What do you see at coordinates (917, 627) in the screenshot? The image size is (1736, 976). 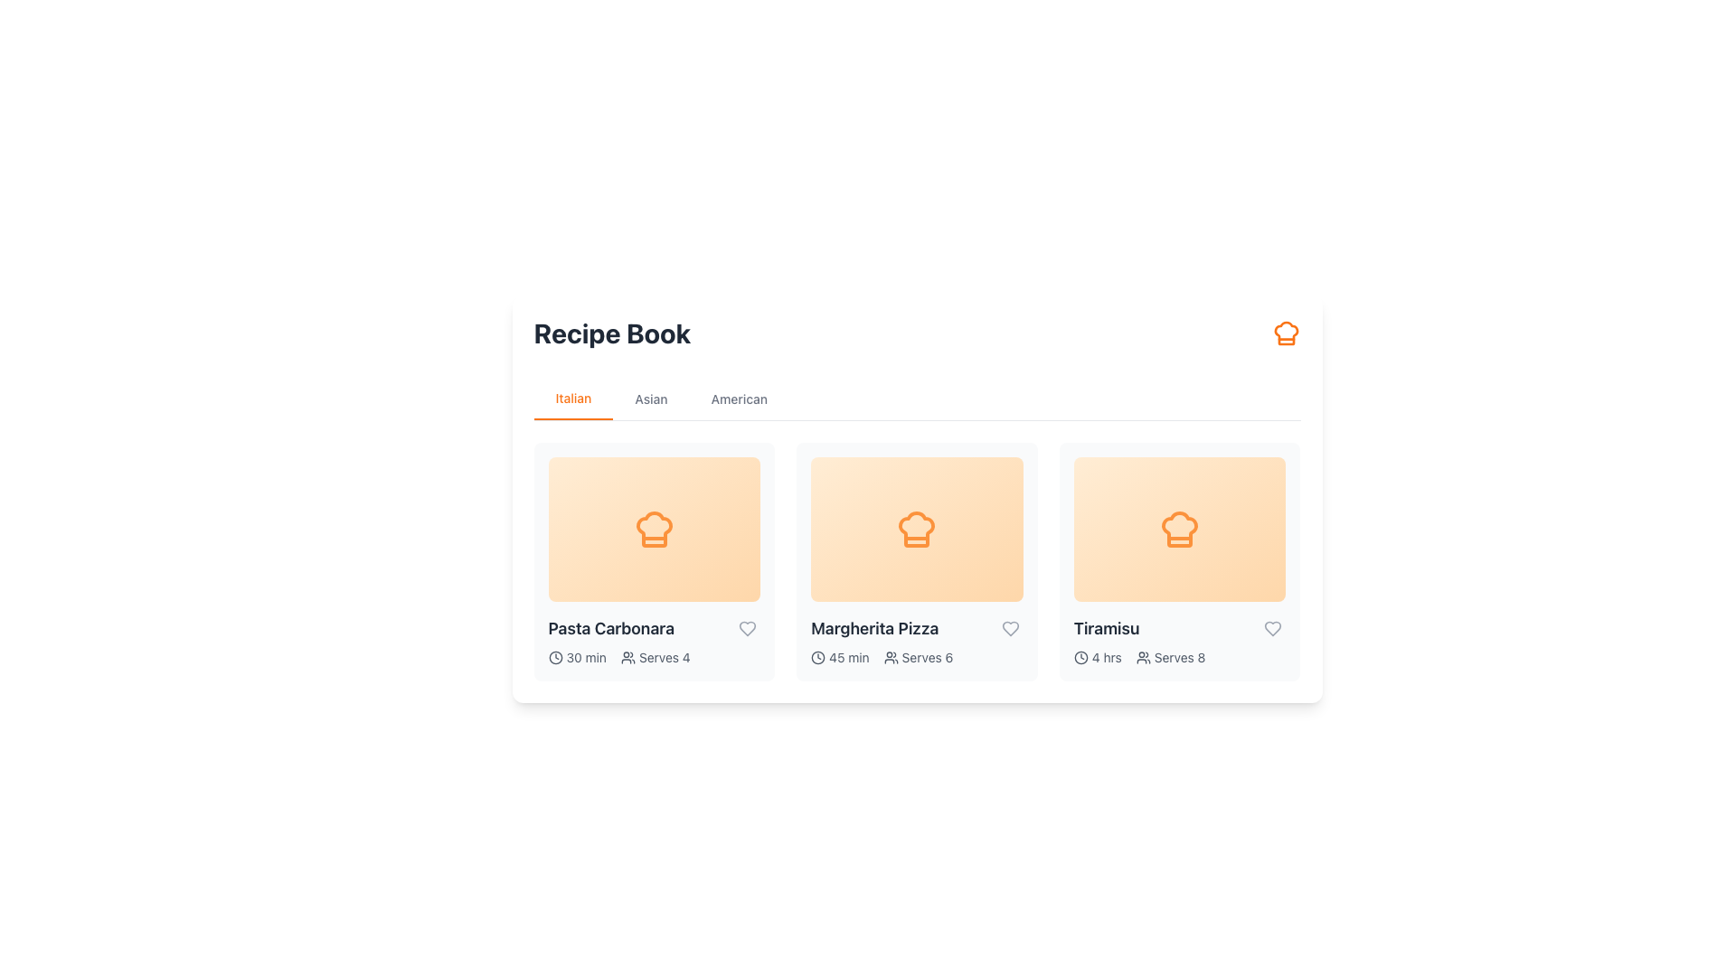 I see `the text label that serves as the title for the Margherita Pizza recipe card, located in the 'Recipe Book' section, positioned between the 'Pasta Carbonara' and 'Tiramisu' cards` at bounding box center [917, 627].